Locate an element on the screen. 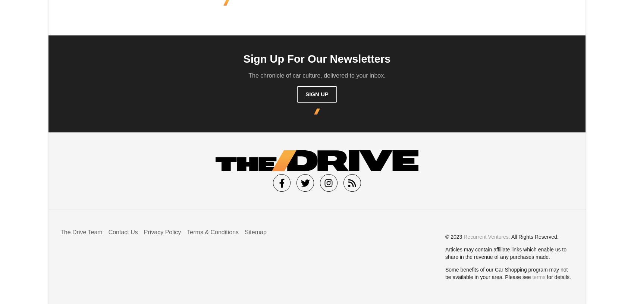 This screenshot has height=304, width=634. 'Contact Us' is located at coordinates (122, 232).